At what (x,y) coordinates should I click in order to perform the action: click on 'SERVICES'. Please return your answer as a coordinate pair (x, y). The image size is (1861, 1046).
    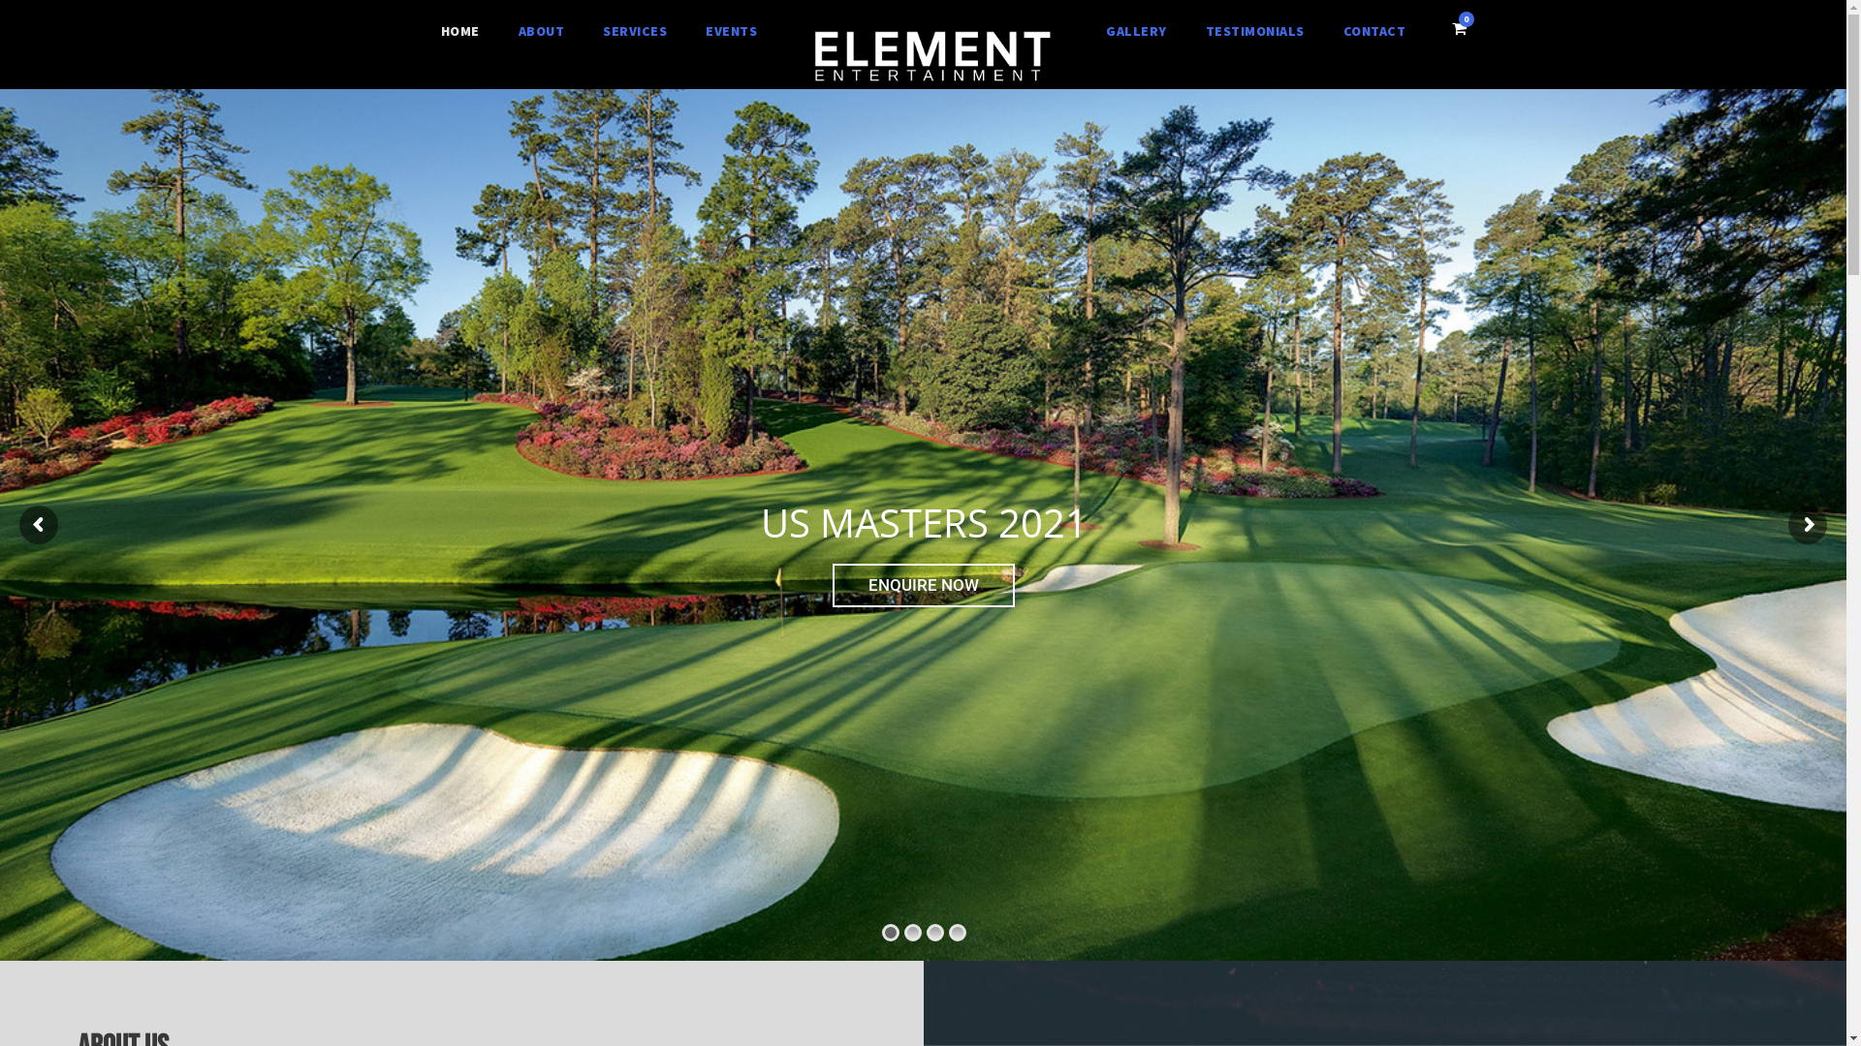
    Looking at the image, I should click on (634, 32).